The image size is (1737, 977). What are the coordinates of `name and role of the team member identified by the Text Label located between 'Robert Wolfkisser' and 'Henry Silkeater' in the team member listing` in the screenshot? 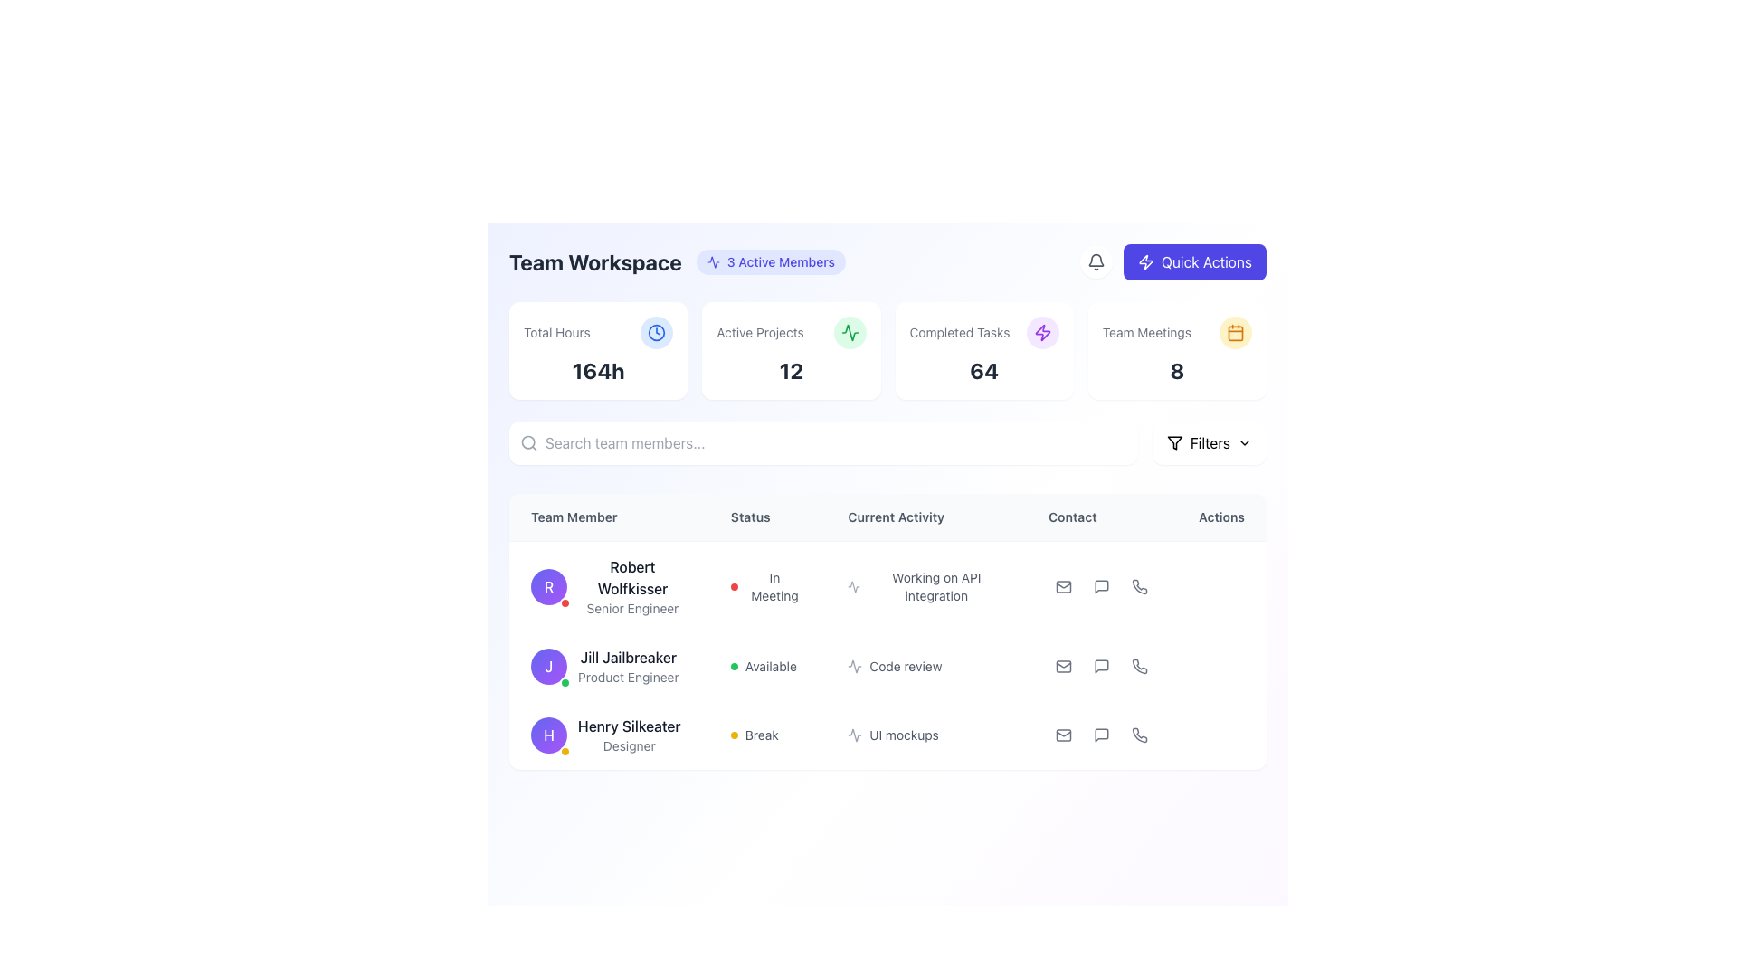 It's located at (628, 666).